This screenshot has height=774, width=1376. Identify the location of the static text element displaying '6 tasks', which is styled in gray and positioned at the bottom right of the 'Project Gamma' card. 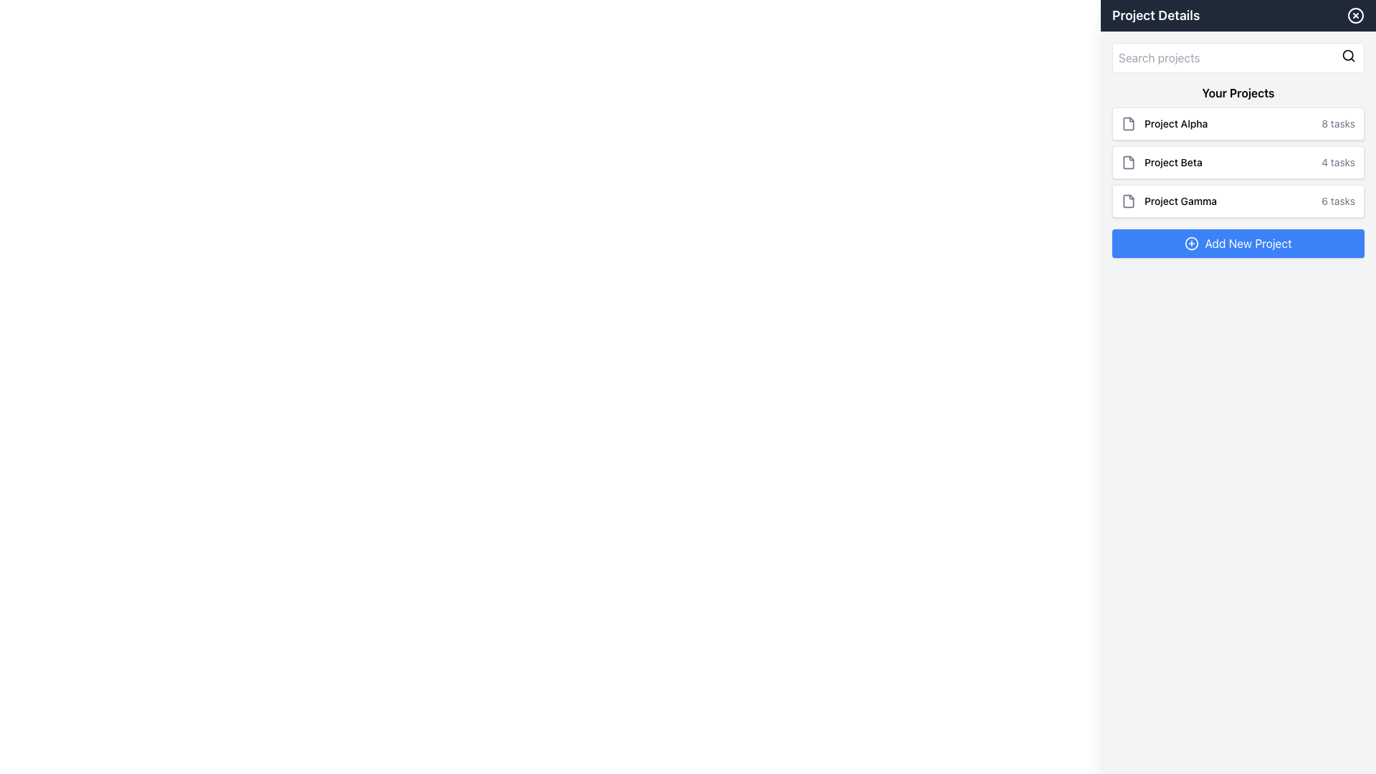
(1337, 201).